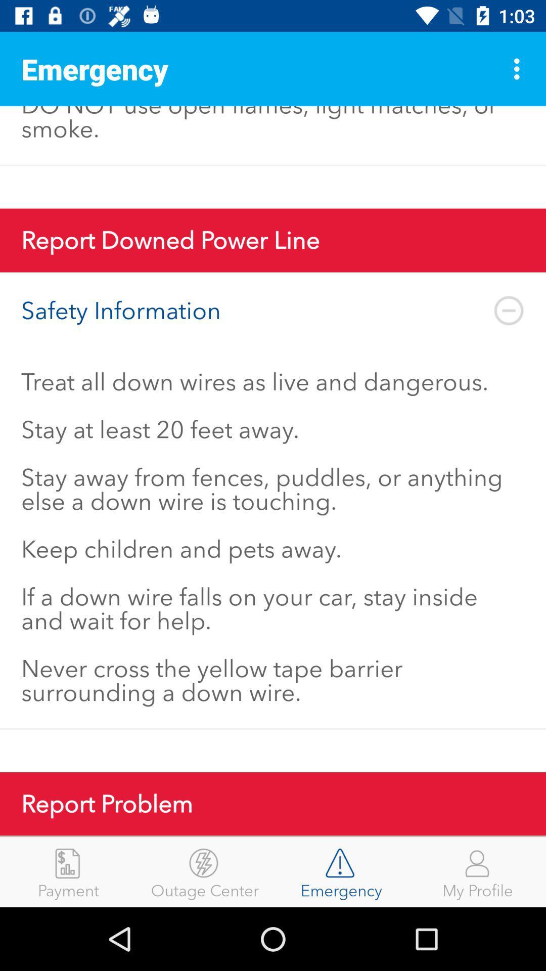  Describe the element at coordinates (205, 871) in the screenshot. I see `icon next to emergency icon` at that location.